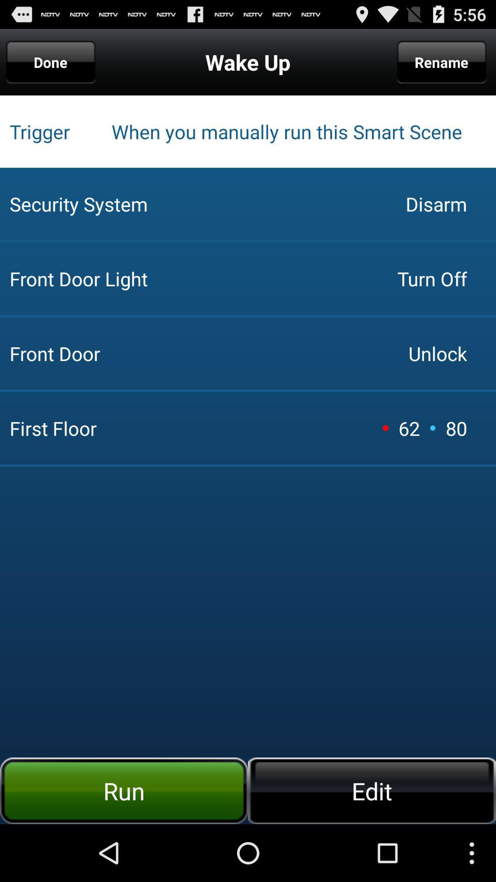  What do you see at coordinates (456, 428) in the screenshot?
I see `the button above the edit` at bounding box center [456, 428].